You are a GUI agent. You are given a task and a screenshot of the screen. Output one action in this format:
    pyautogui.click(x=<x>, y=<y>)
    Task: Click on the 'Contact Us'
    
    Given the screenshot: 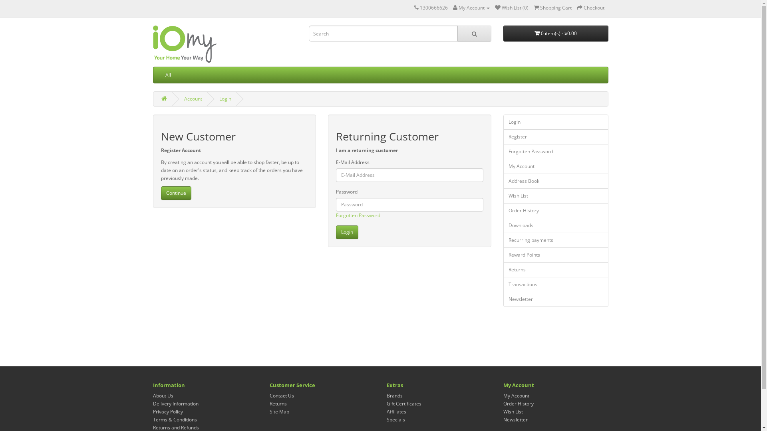 What is the action you would take?
    pyautogui.click(x=270, y=395)
    